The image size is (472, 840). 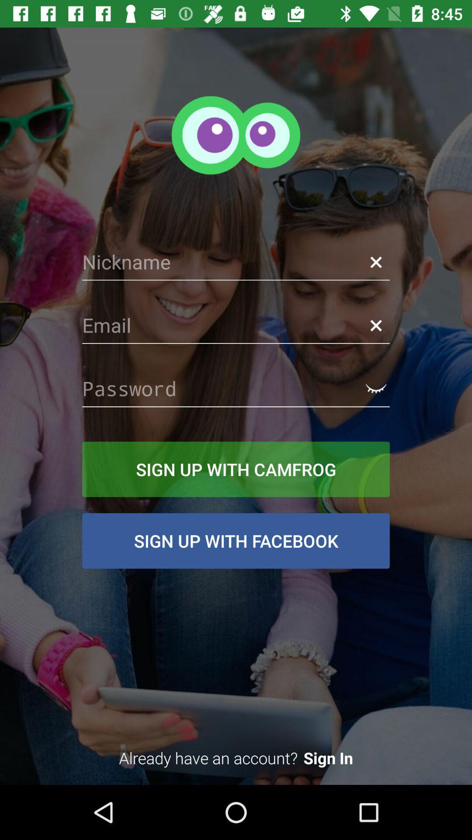 I want to click on item above sign up with icon, so click(x=236, y=388).